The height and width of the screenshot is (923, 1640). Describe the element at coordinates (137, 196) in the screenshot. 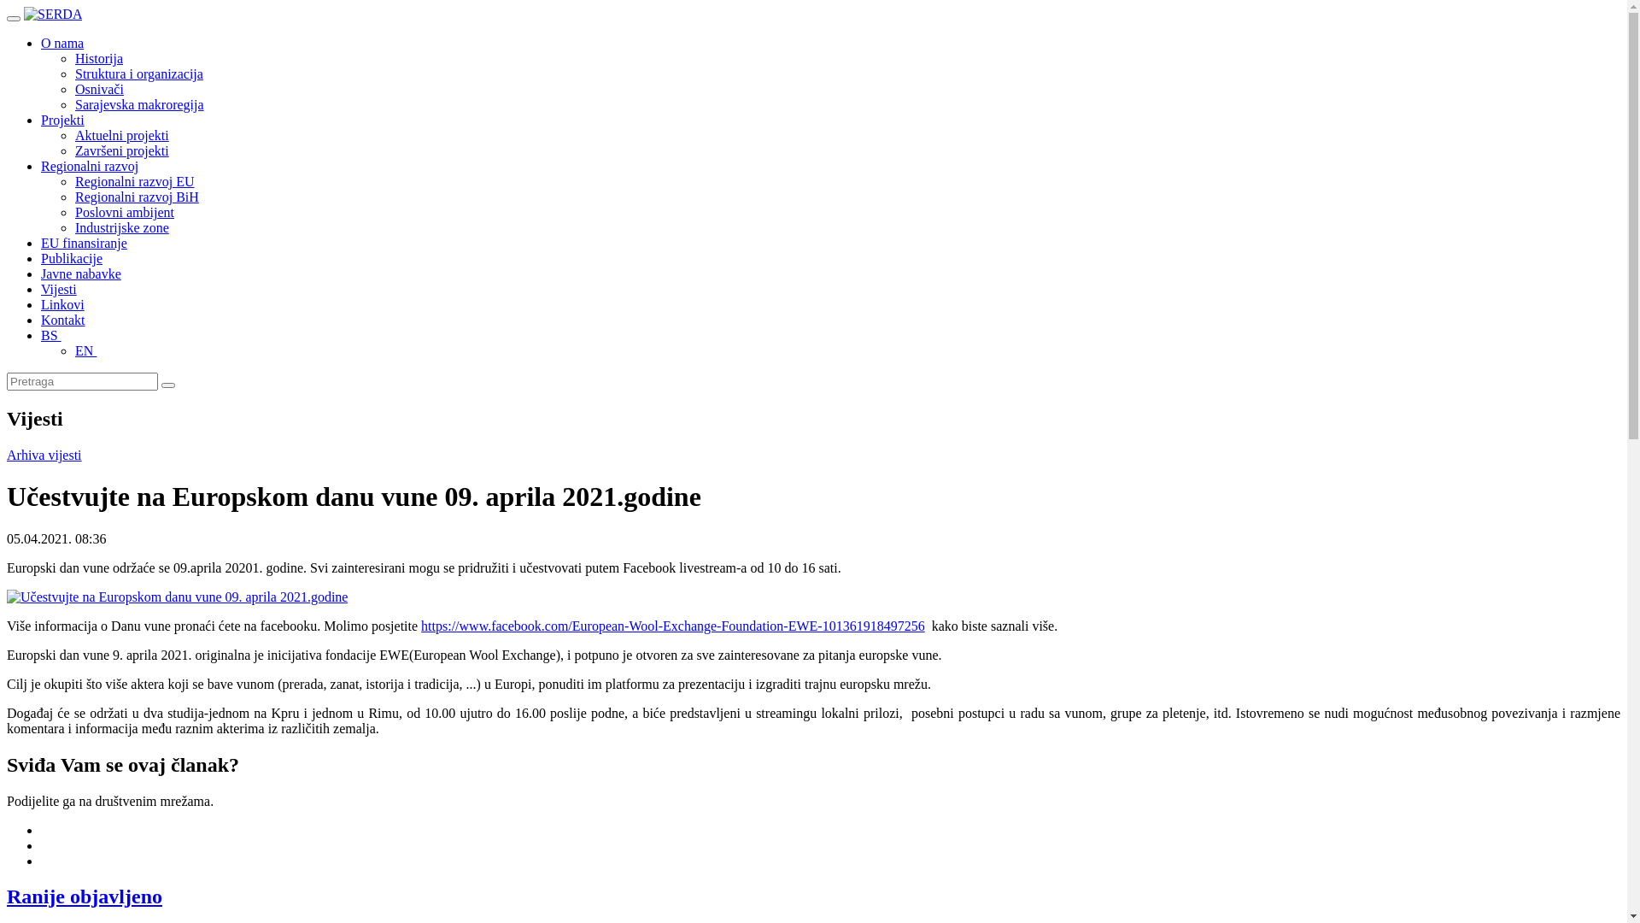

I see `'Regionalni razvoj BiH'` at that location.